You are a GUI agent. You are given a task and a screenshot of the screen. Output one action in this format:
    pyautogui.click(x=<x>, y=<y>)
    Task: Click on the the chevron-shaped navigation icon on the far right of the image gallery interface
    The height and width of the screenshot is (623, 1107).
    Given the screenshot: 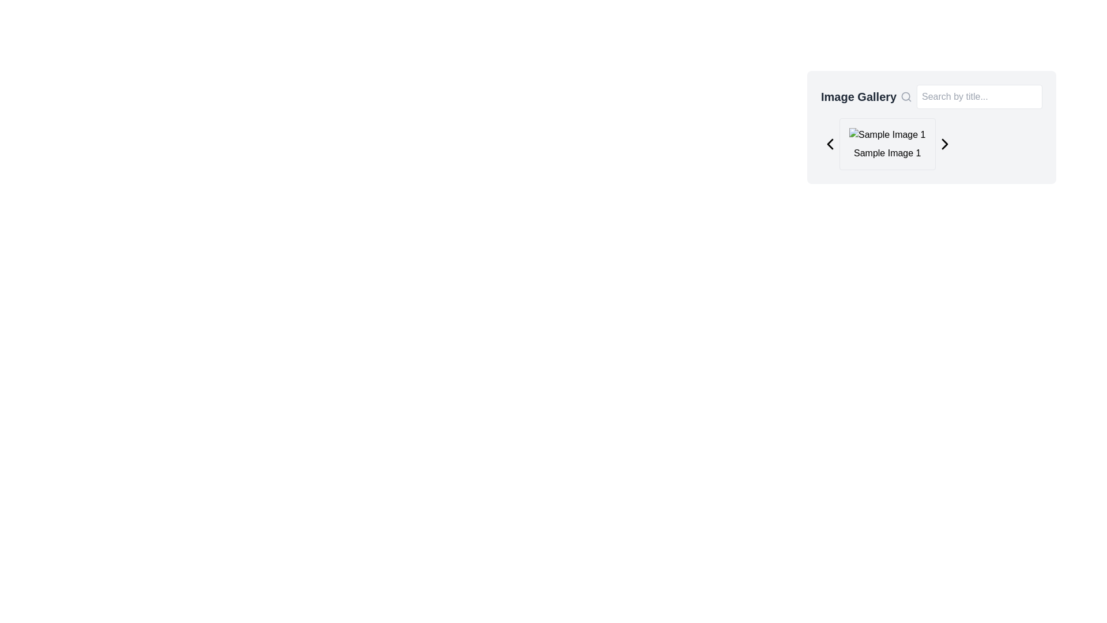 What is the action you would take?
    pyautogui.click(x=944, y=144)
    